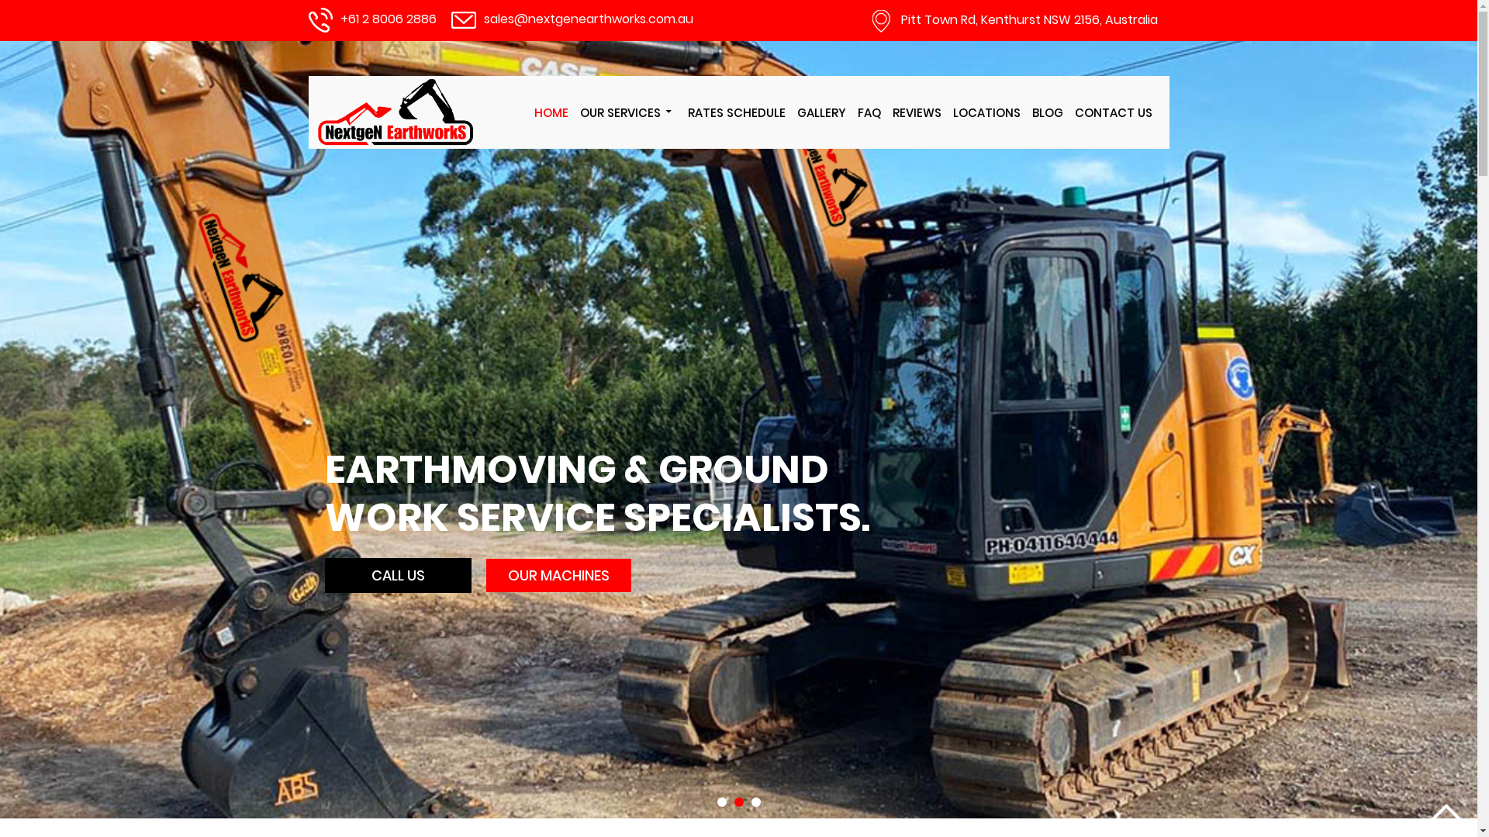 Image resolution: width=1489 pixels, height=837 pixels. I want to click on 'BLOG', so click(1046, 112).